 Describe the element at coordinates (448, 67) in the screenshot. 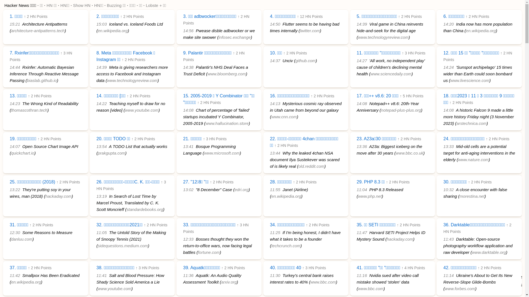

I see `'14:24'` at that location.